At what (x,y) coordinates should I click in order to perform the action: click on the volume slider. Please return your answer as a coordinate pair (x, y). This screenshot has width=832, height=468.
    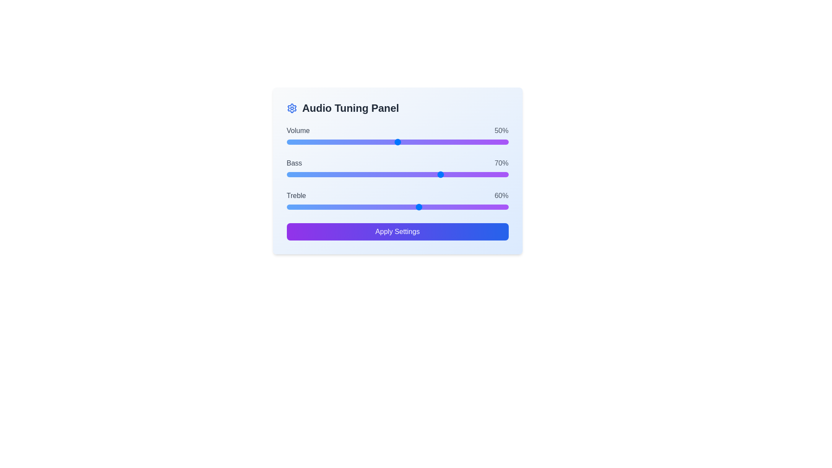
    Looking at the image, I should click on (344, 141).